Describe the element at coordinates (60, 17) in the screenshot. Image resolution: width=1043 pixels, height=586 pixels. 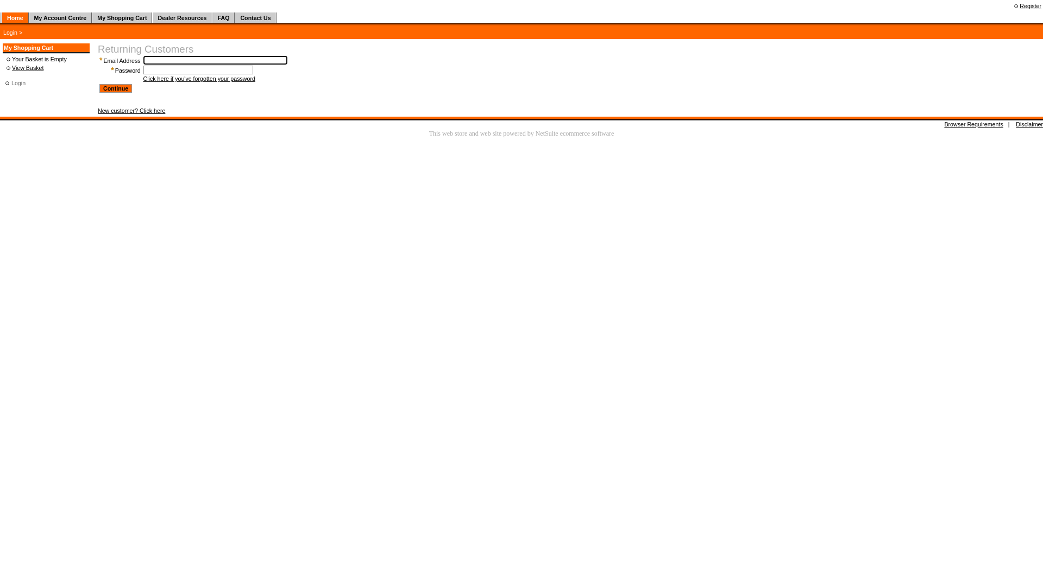
I see `'My Account Centre'` at that location.